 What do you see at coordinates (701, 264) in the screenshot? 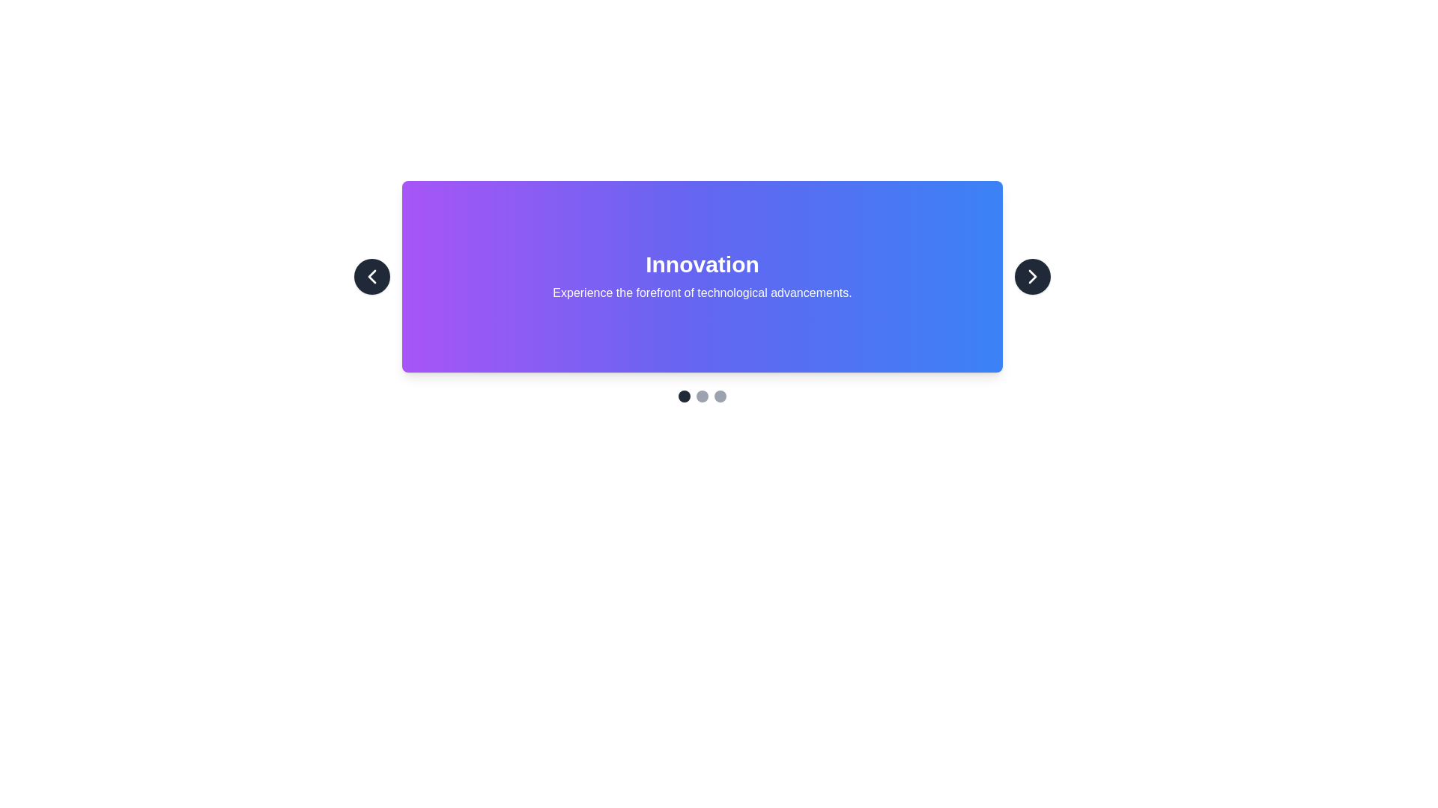
I see `the Text Label that serves as a title or heading, positioned above a smaller text element indicating technological advancements` at bounding box center [701, 264].